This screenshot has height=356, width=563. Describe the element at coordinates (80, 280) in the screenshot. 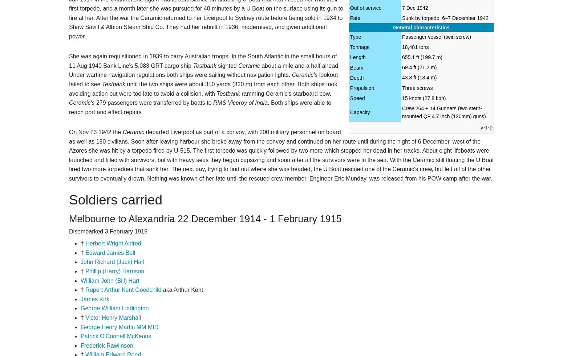

I see `'William John (Bill) Hart'` at that location.